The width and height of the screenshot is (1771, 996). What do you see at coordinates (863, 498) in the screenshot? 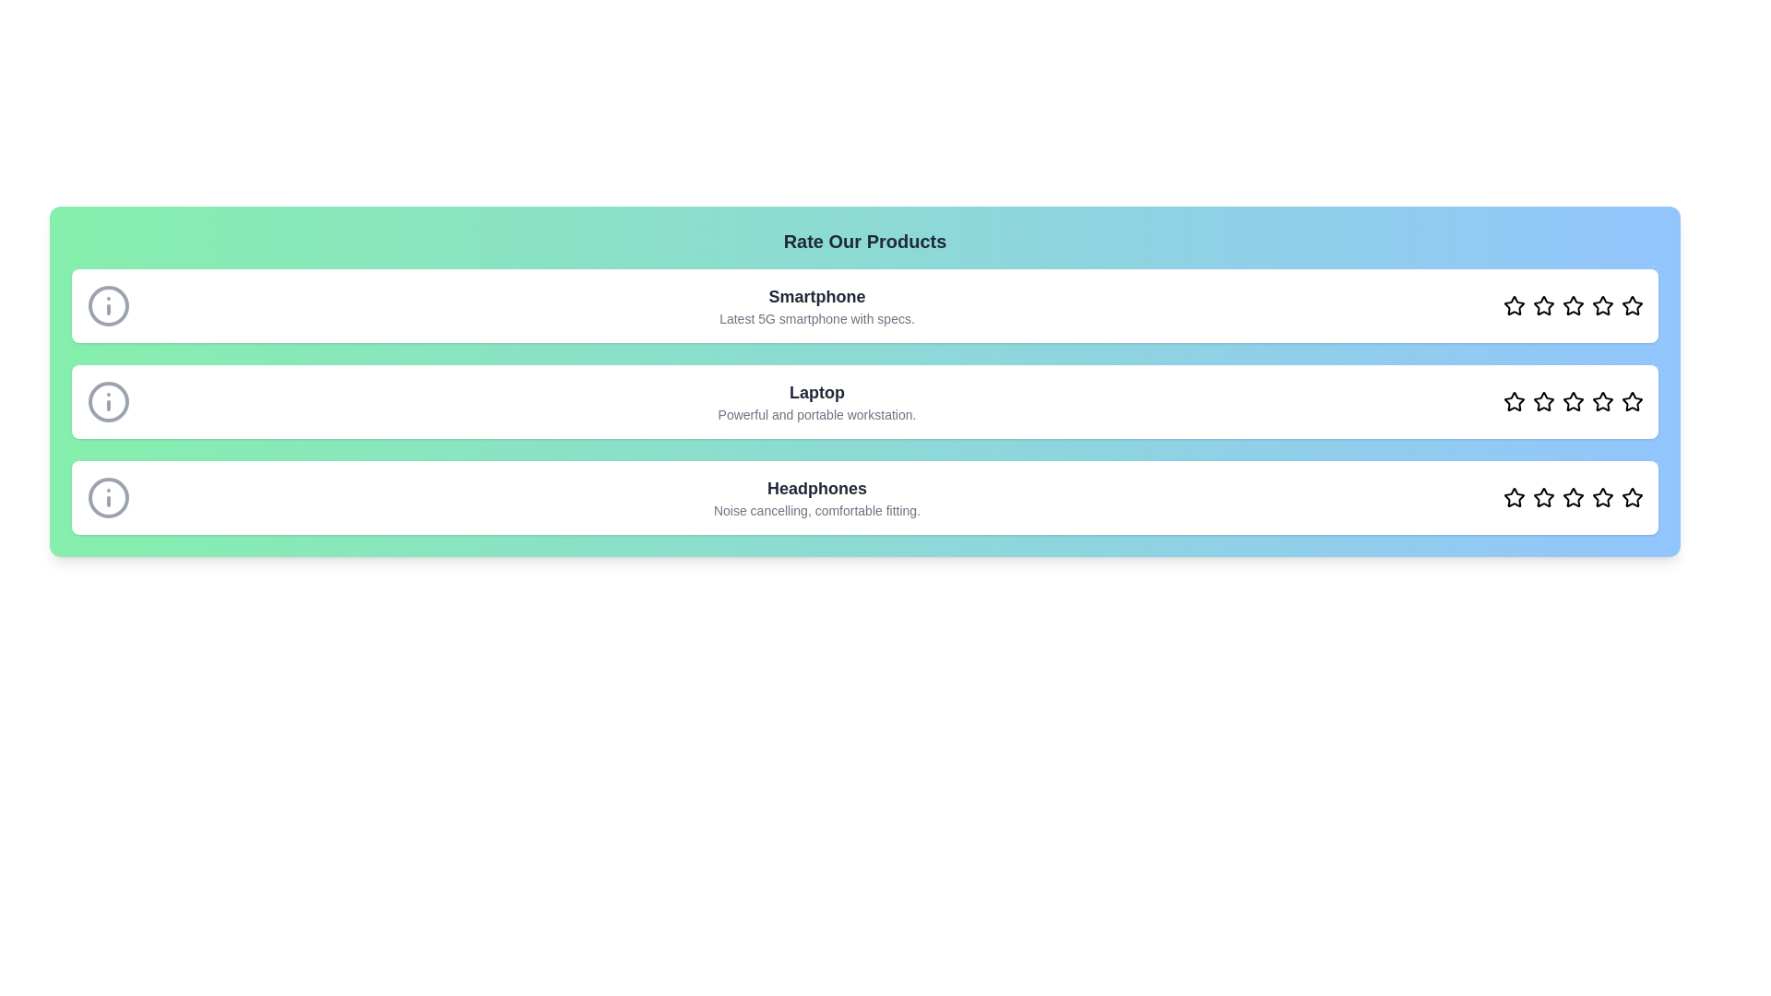
I see `text content of the Product information card displaying 'Headphones', which is the third item in a vertically aligned list of product descriptions` at bounding box center [863, 498].